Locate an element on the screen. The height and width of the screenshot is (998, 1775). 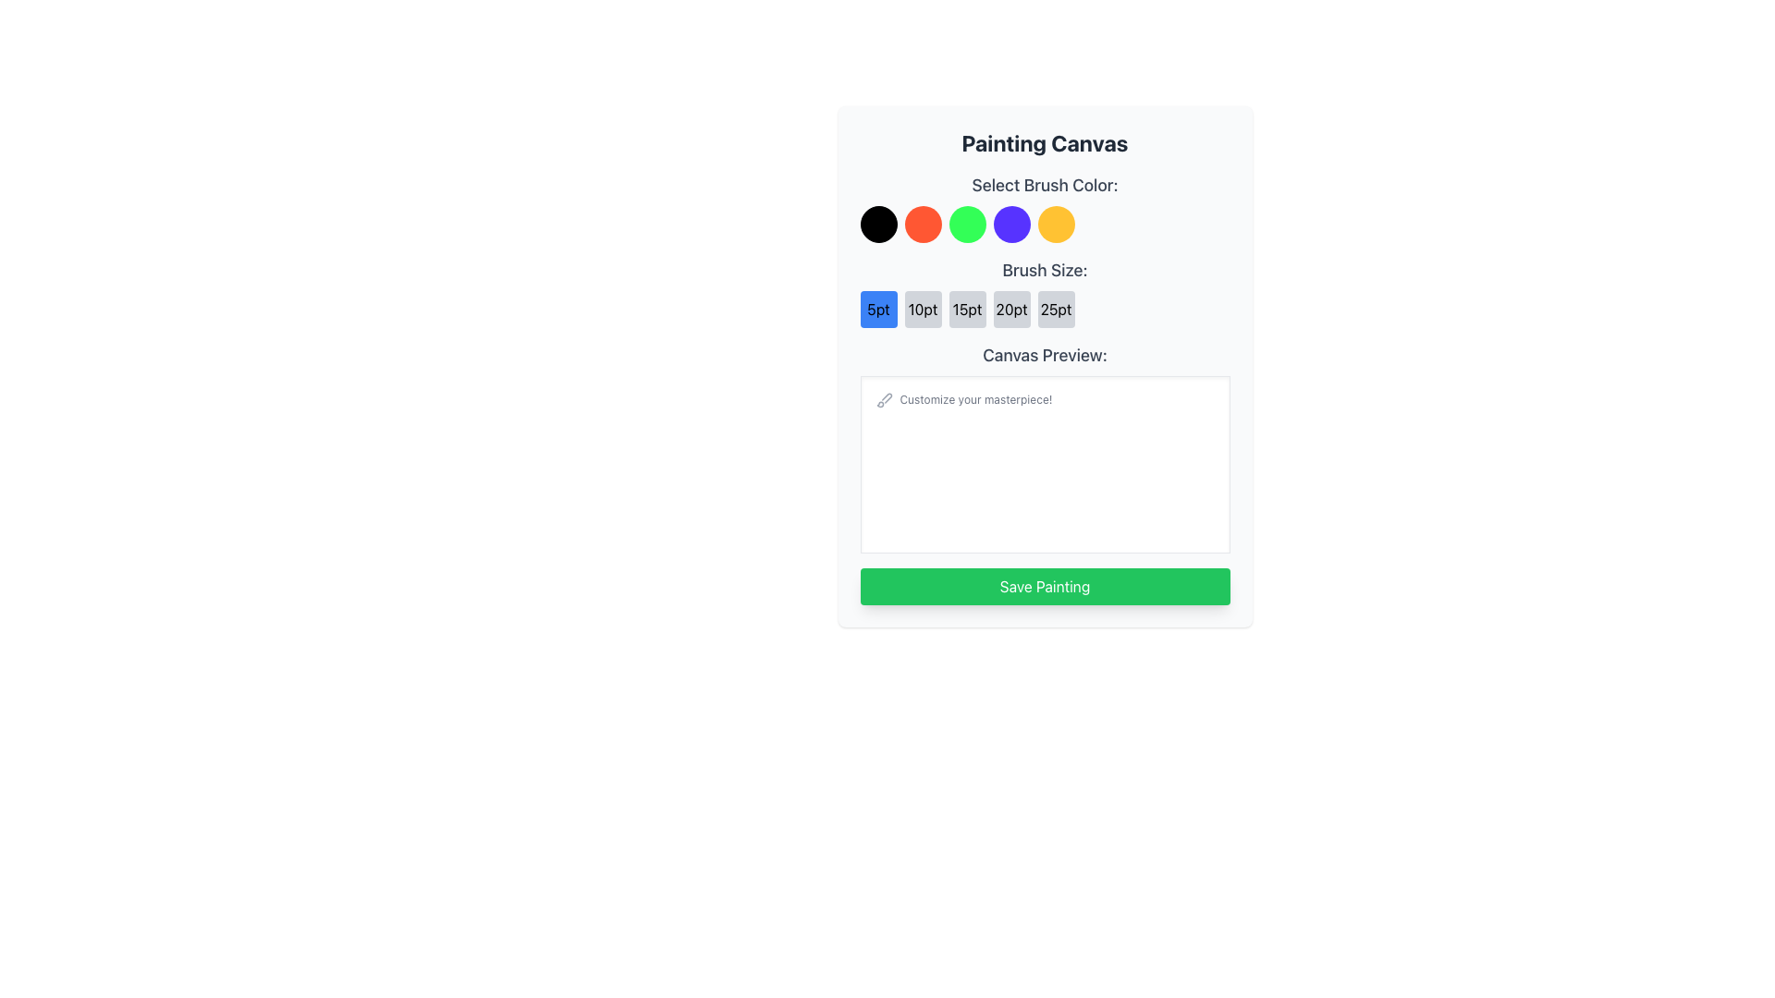
the circular purple button located under the 'Select Brush Color' title is located at coordinates (1010, 224).